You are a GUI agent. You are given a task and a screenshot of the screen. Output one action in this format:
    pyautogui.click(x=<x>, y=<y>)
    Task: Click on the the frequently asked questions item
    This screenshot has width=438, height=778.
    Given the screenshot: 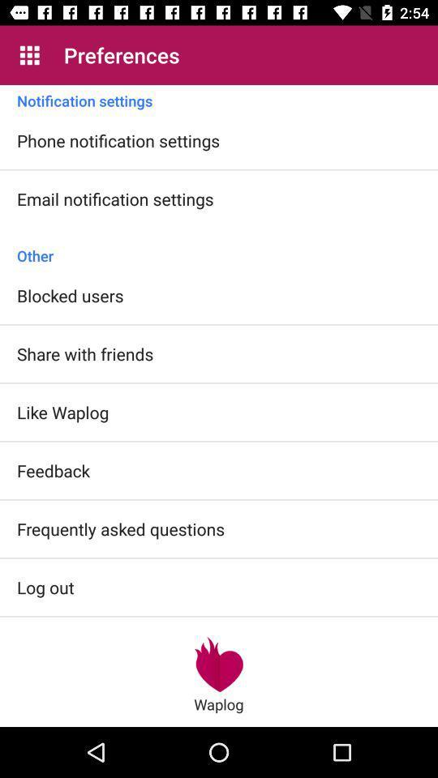 What is the action you would take?
    pyautogui.click(x=120, y=528)
    